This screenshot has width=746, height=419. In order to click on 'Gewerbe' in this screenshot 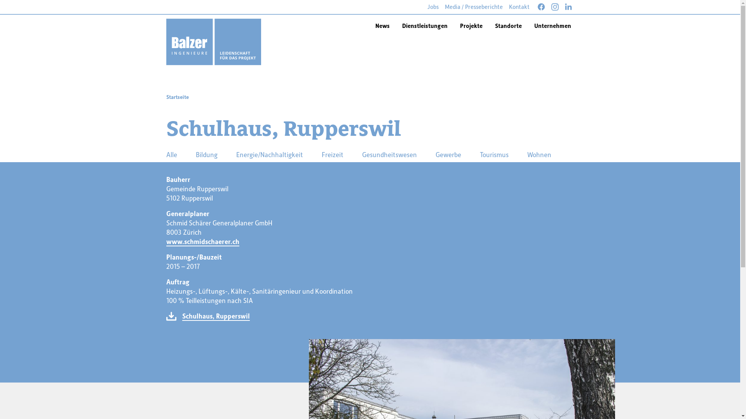, I will do `click(448, 154)`.